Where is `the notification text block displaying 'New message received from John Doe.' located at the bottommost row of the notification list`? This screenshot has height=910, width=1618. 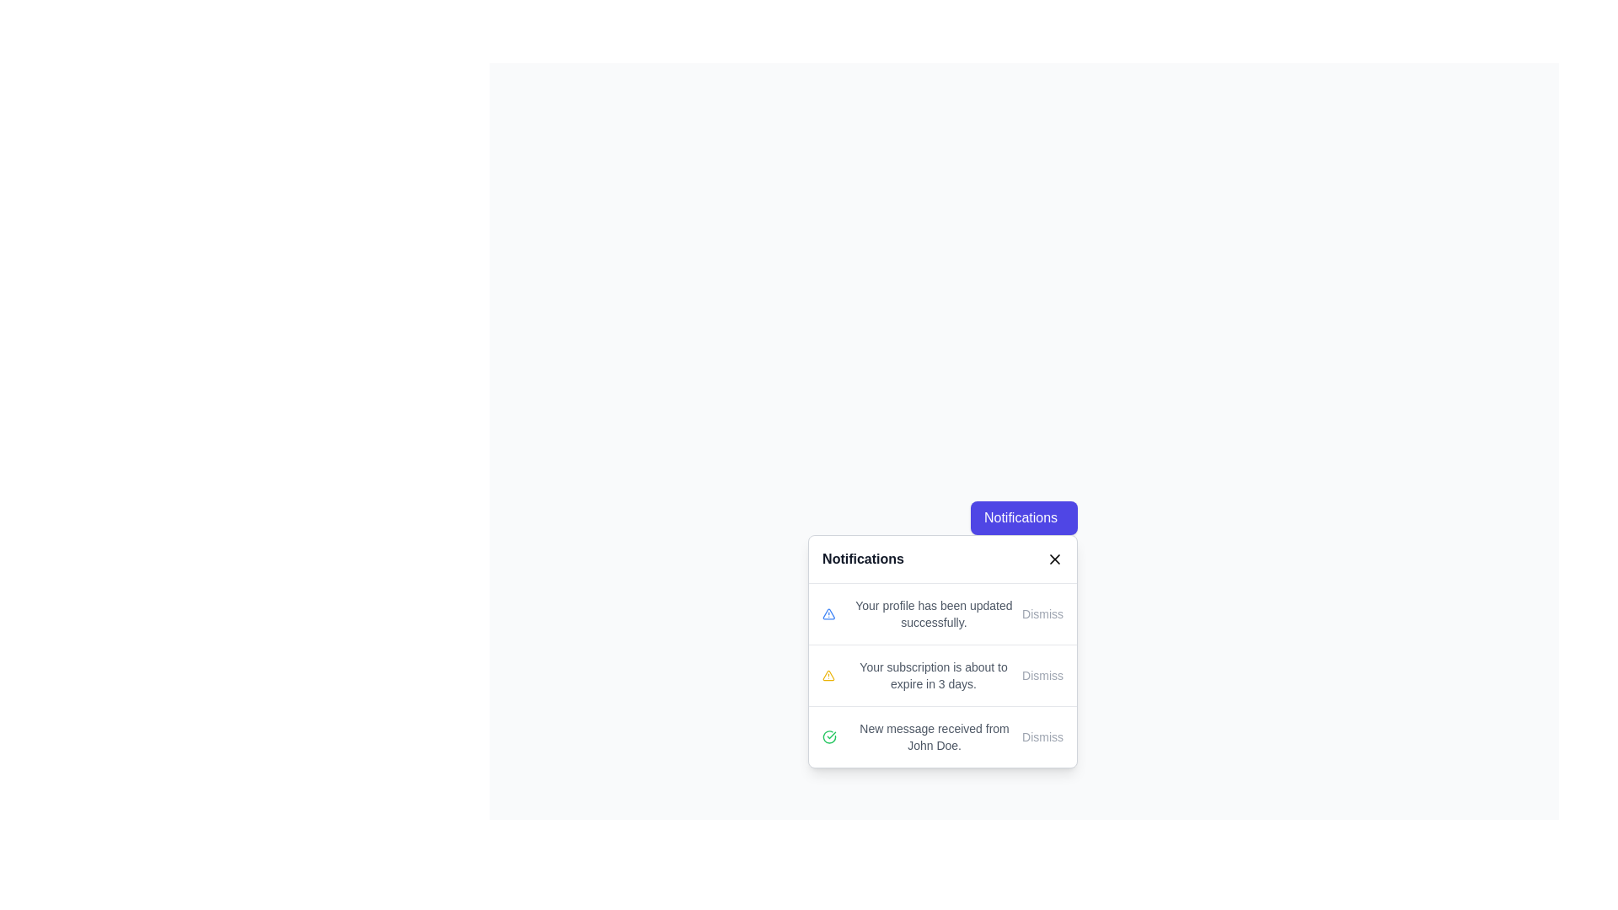 the notification text block displaying 'New message received from John Doe.' located at the bottommost row of the notification list is located at coordinates (933, 736).